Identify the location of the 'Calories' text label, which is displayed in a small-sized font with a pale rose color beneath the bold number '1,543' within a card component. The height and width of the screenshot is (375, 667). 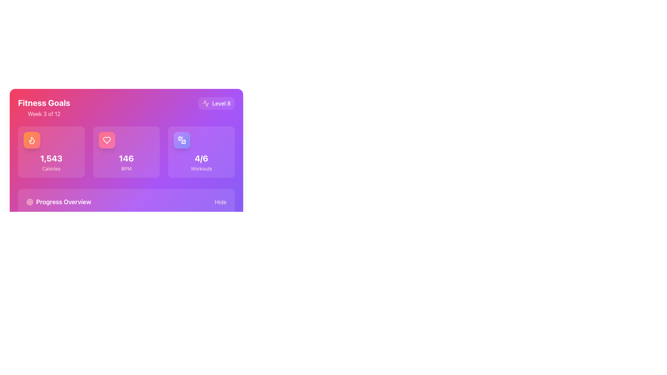
(51, 169).